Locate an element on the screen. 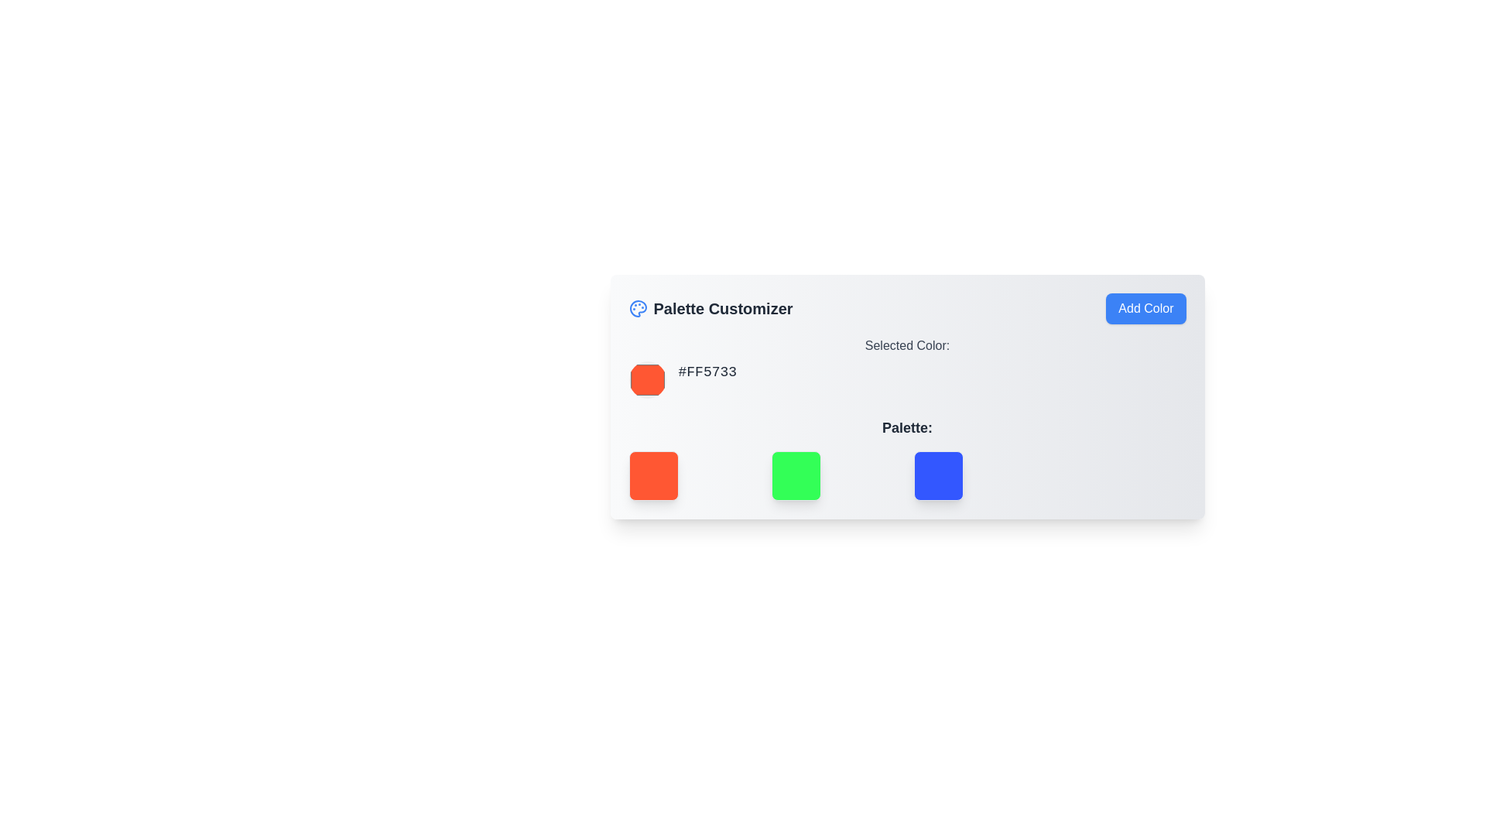 This screenshot has width=1486, height=836. text label 'Palette:' which is a bold, larger-sized, dark gray font located at the center-bottom of the interface above the colored squares is located at coordinates (907, 427).